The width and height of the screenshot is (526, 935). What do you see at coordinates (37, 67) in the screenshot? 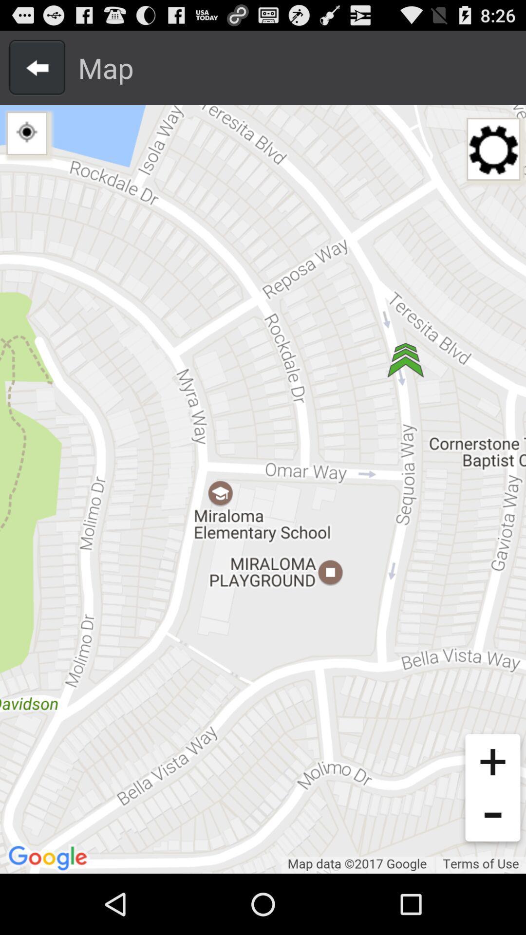
I see `go back` at bounding box center [37, 67].